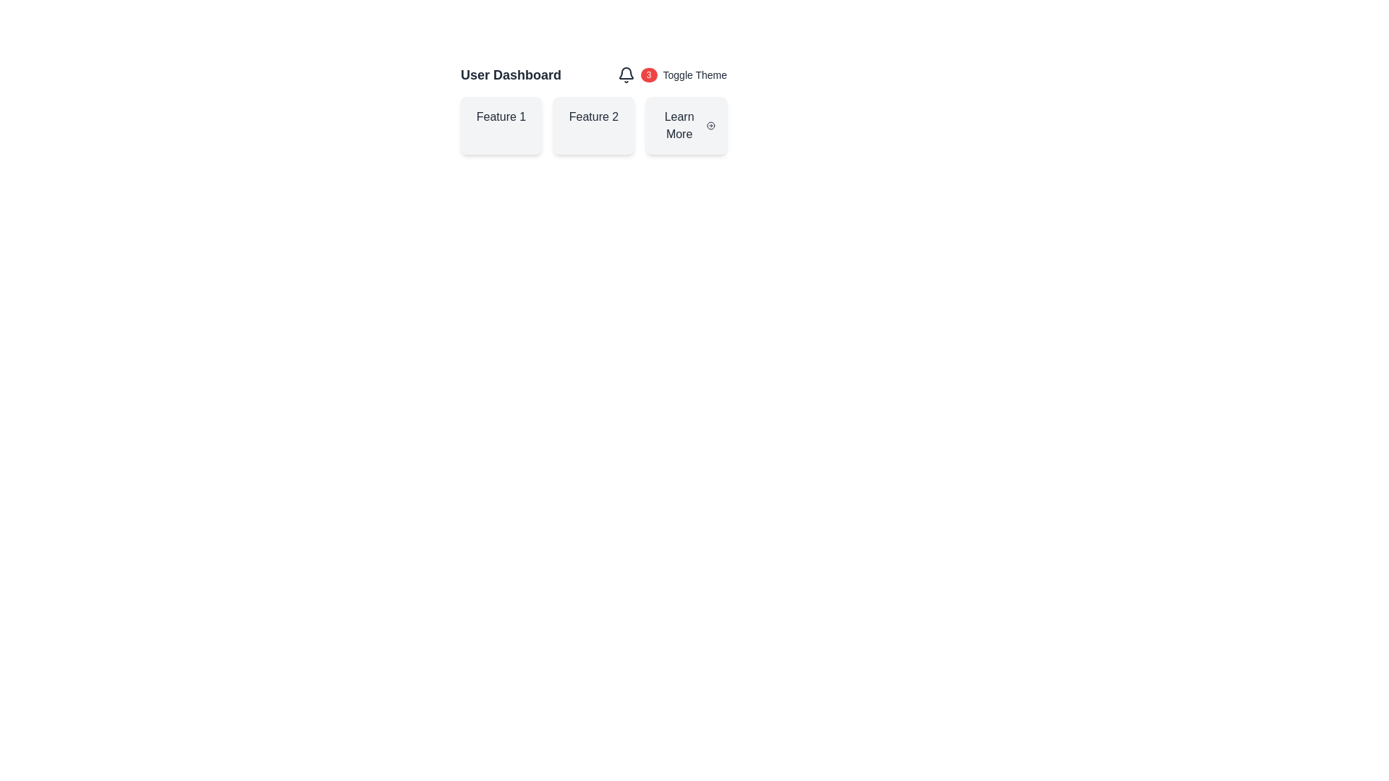  What do you see at coordinates (501, 124) in the screenshot?
I see `the first card component labeled 'Feature 1' in the User Dashboard section for accessibility navigation` at bounding box center [501, 124].